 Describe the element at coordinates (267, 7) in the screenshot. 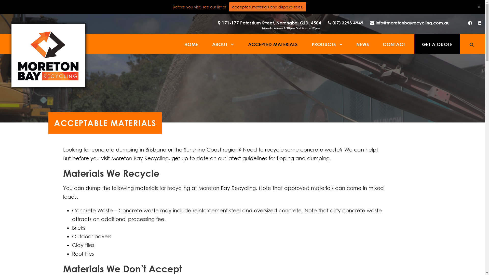

I see `'accepted materials and disposal fees.'` at that location.